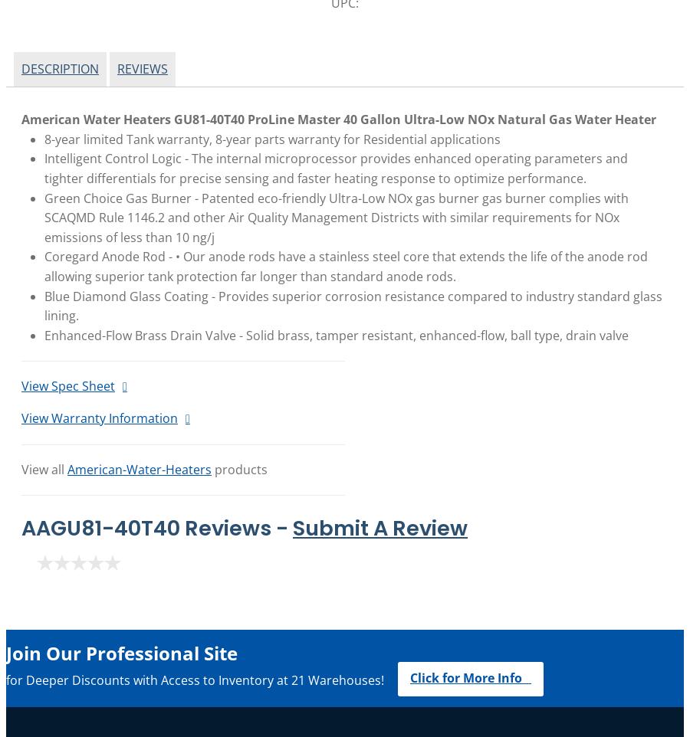 Image resolution: width=690 pixels, height=737 pixels. What do you see at coordinates (195, 678) in the screenshot?
I see `'for Deeper Discounts with Access to Inventory at 21 Warehouses!'` at bounding box center [195, 678].